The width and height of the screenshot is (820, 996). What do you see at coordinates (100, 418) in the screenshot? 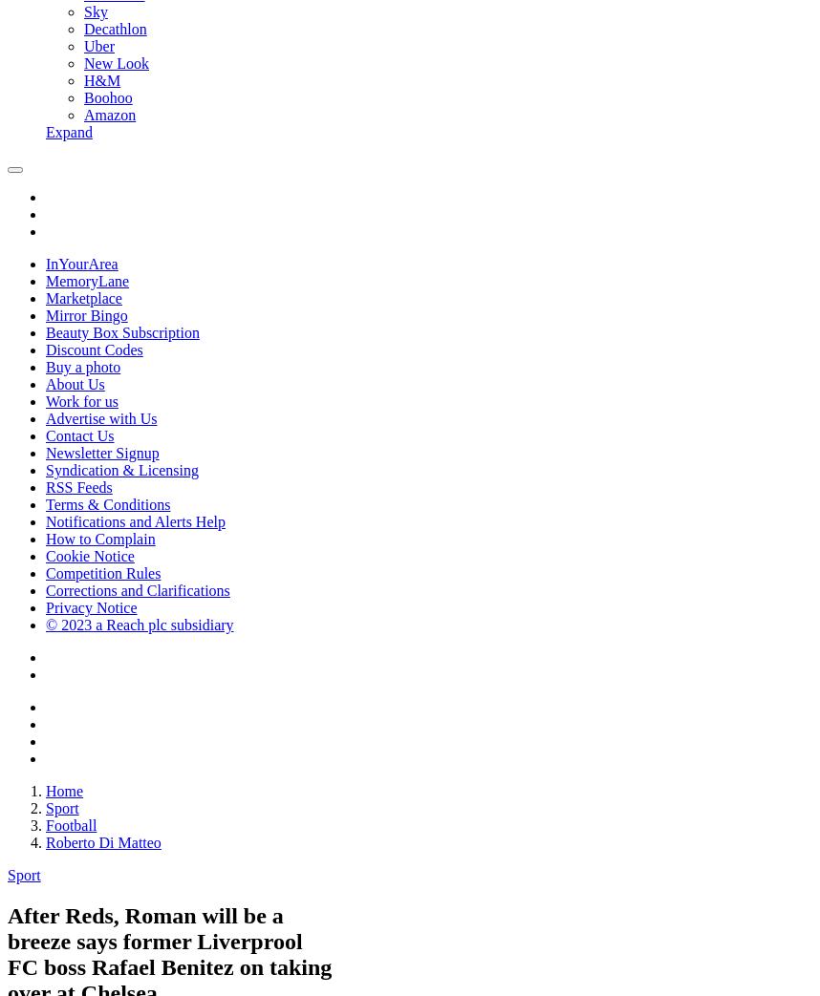
I see `'Advertise with Us'` at bounding box center [100, 418].